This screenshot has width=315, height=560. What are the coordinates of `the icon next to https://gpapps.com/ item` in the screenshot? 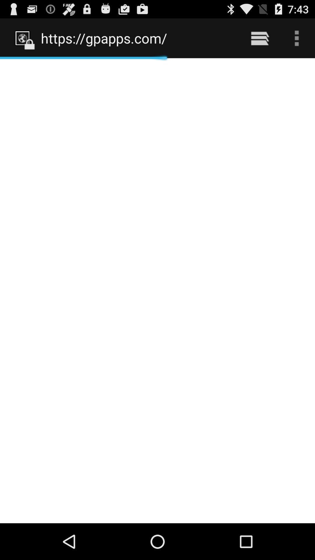 It's located at (260, 38).